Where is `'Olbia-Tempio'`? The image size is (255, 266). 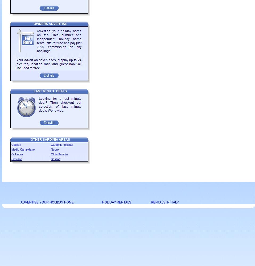
'Olbia-Tempio' is located at coordinates (51, 154).